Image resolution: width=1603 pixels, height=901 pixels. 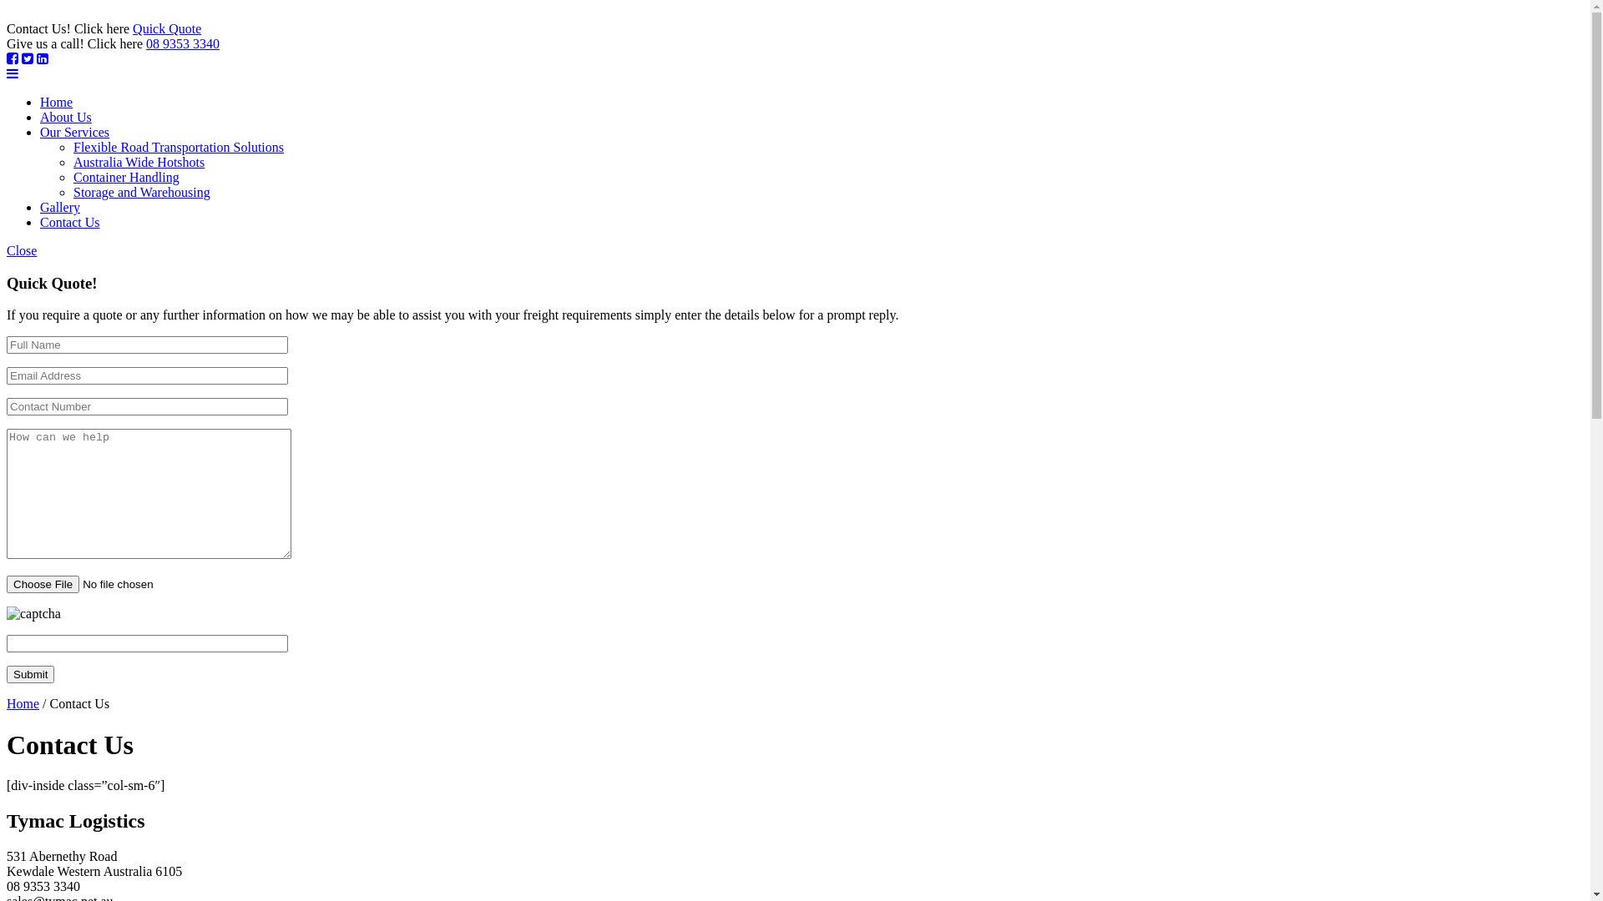 I want to click on 'Storage and Warehousing', so click(x=72, y=191).